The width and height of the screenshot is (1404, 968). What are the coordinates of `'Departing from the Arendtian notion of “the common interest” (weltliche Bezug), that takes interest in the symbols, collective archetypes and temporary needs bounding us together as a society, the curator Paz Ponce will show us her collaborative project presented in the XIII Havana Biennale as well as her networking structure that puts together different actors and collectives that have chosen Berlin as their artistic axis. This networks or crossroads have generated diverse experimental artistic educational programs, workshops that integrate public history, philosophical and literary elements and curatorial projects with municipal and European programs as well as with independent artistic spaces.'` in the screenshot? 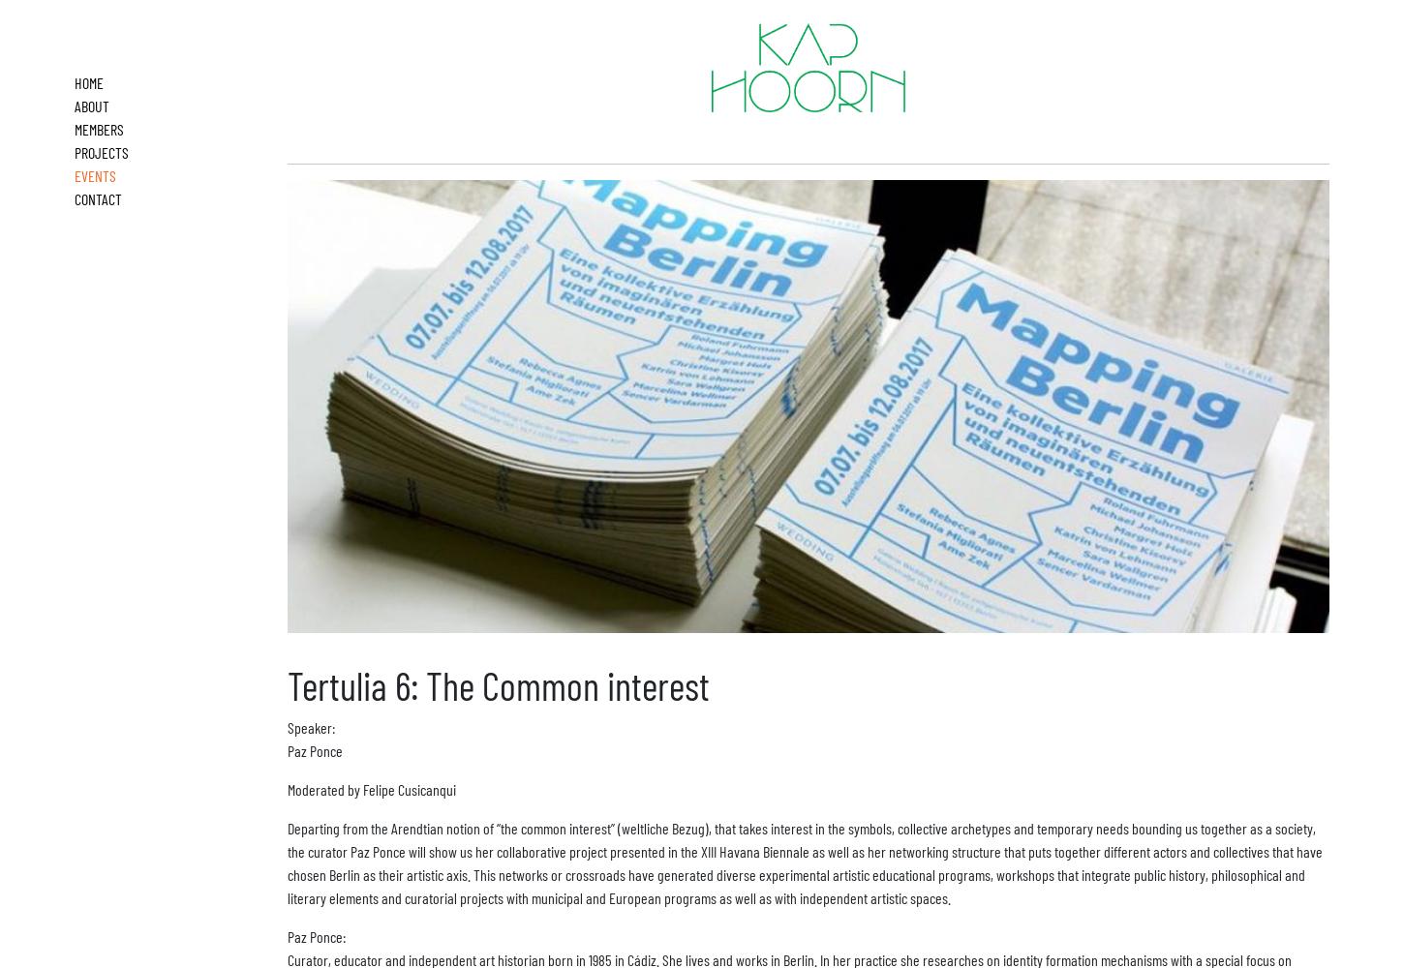 It's located at (805, 862).